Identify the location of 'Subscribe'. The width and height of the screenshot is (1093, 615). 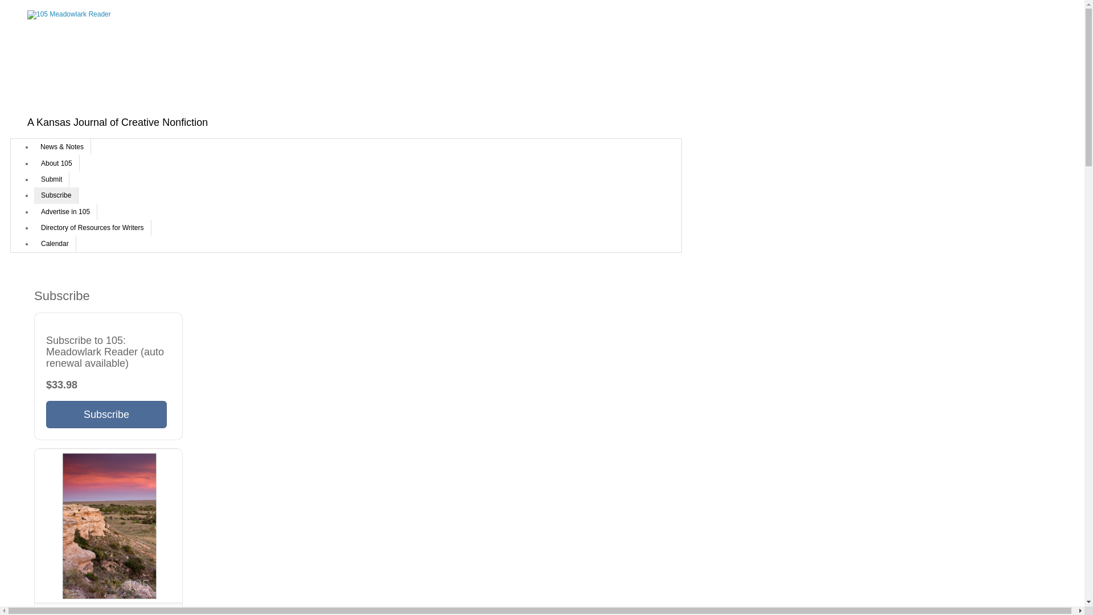
(46, 415).